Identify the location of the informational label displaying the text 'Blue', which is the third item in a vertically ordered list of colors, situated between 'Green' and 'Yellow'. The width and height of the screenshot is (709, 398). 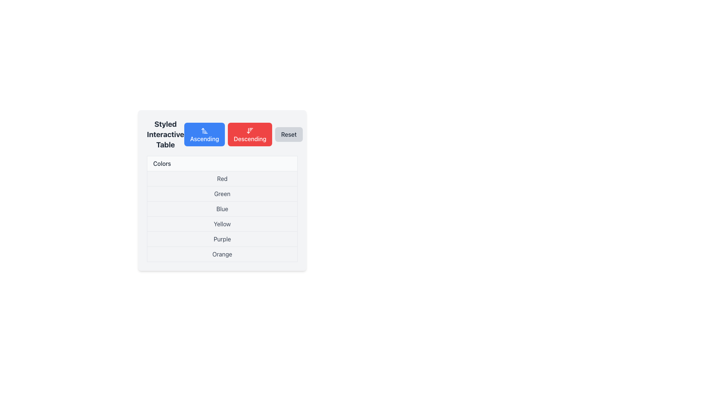
(222, 209).